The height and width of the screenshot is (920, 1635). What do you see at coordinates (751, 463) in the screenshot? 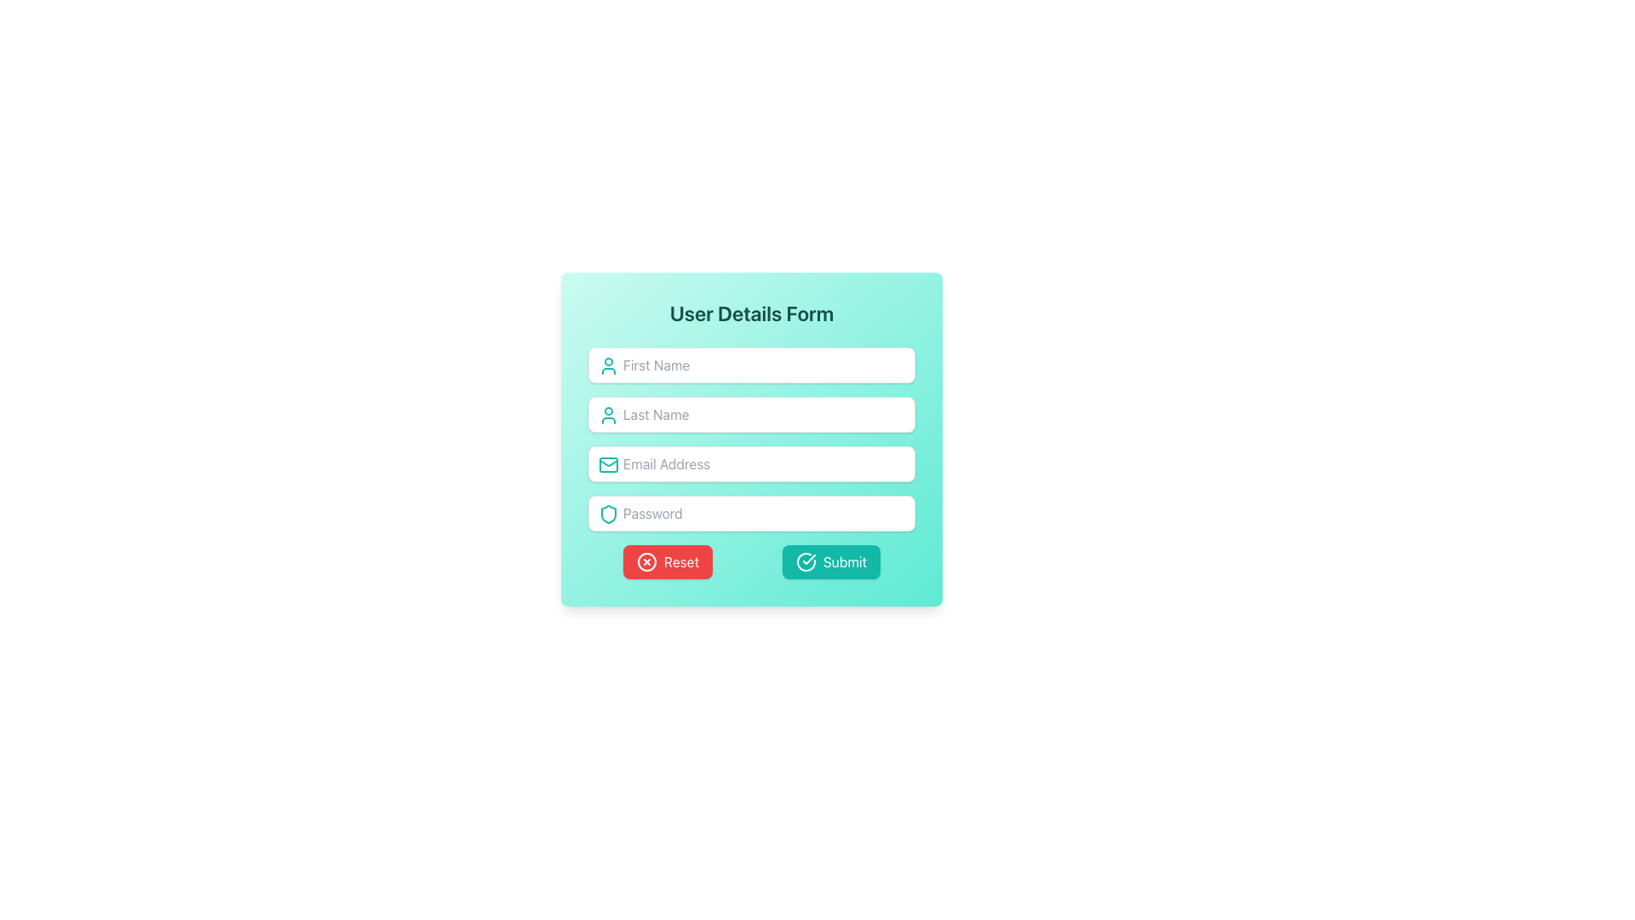
I see `the email address input field located in the 'User Details Form', which is the third input field below 'Last Name' and above 'Password', to focus on it` at bounding box center [751, 463].